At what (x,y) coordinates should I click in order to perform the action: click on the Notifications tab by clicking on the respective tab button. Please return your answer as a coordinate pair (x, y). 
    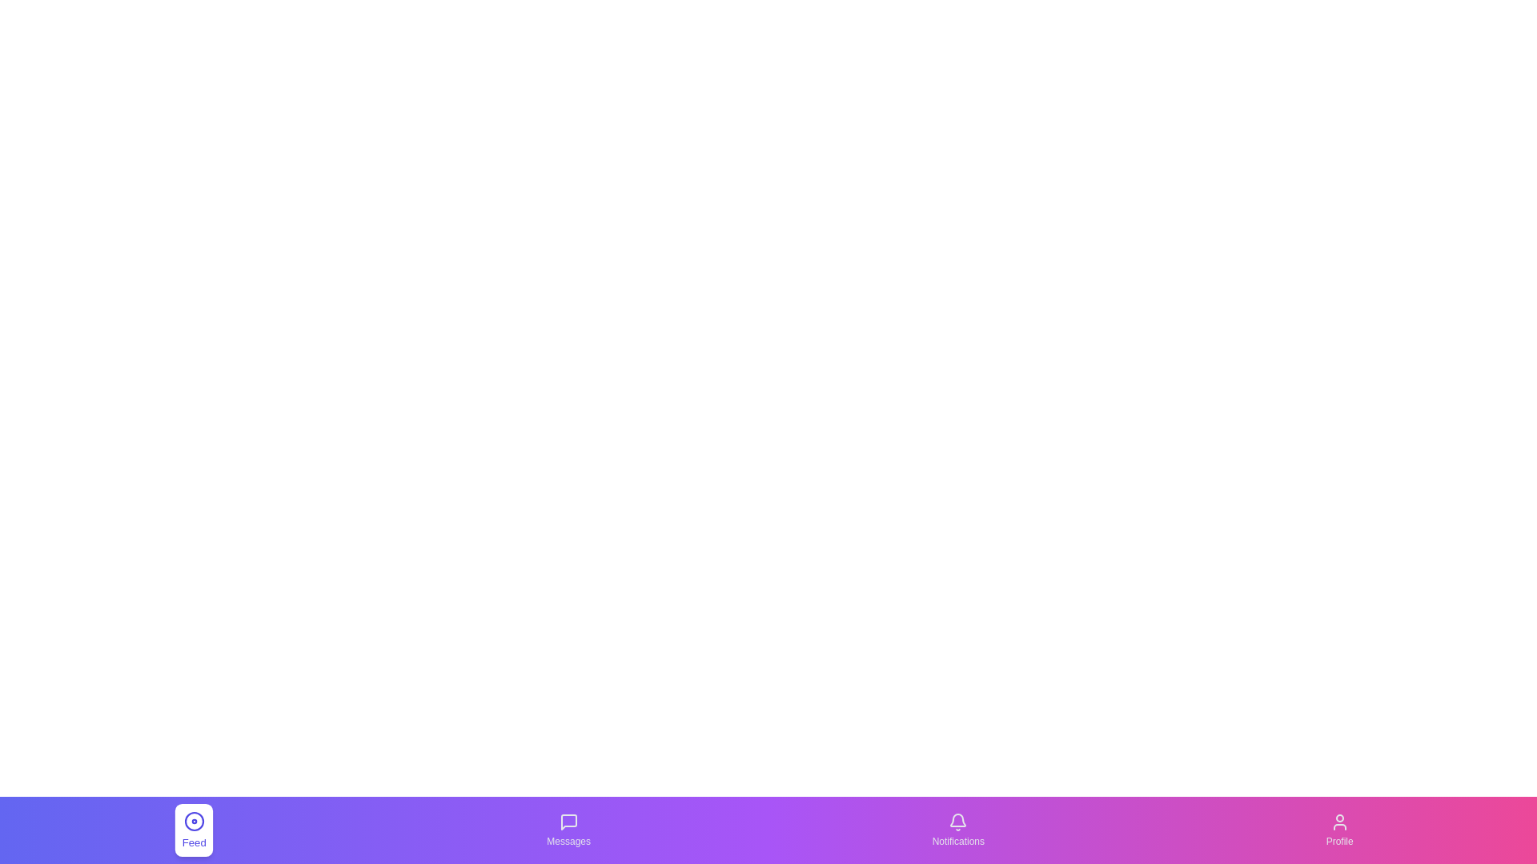
    Looking at the image, I should click on (958, 829).